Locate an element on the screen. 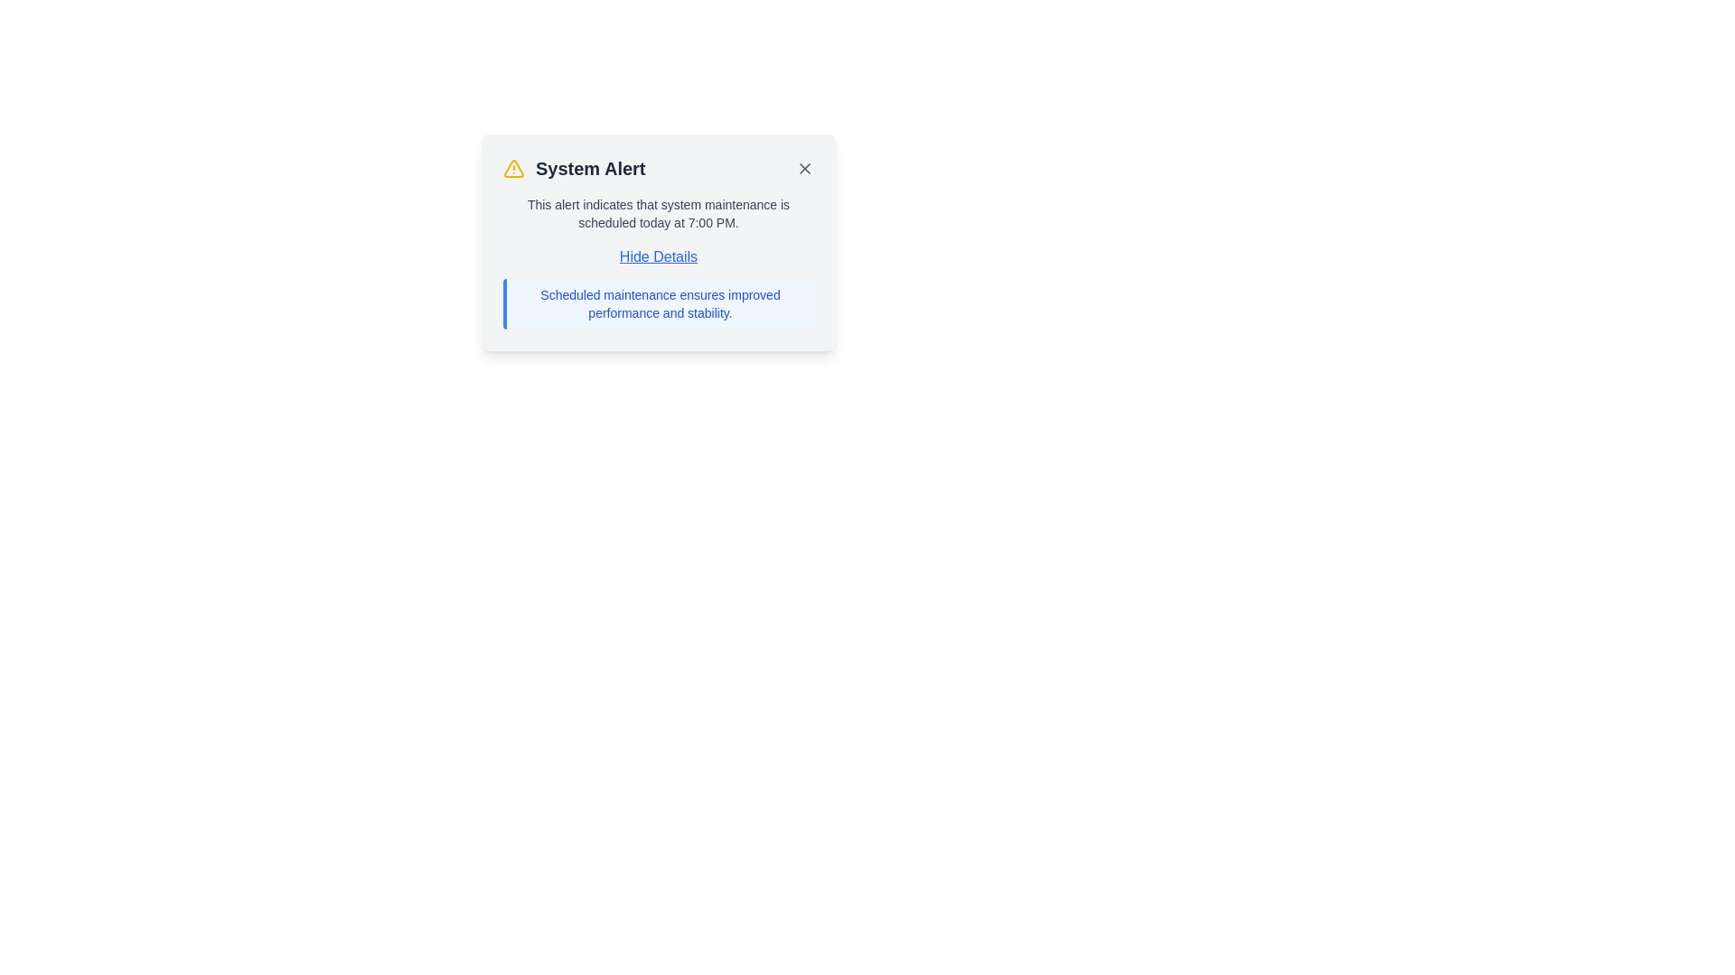 This screenshot has width=1735, height=975. the close button located at the top-right corner of the notification panel is located at coordinates (804, 168).